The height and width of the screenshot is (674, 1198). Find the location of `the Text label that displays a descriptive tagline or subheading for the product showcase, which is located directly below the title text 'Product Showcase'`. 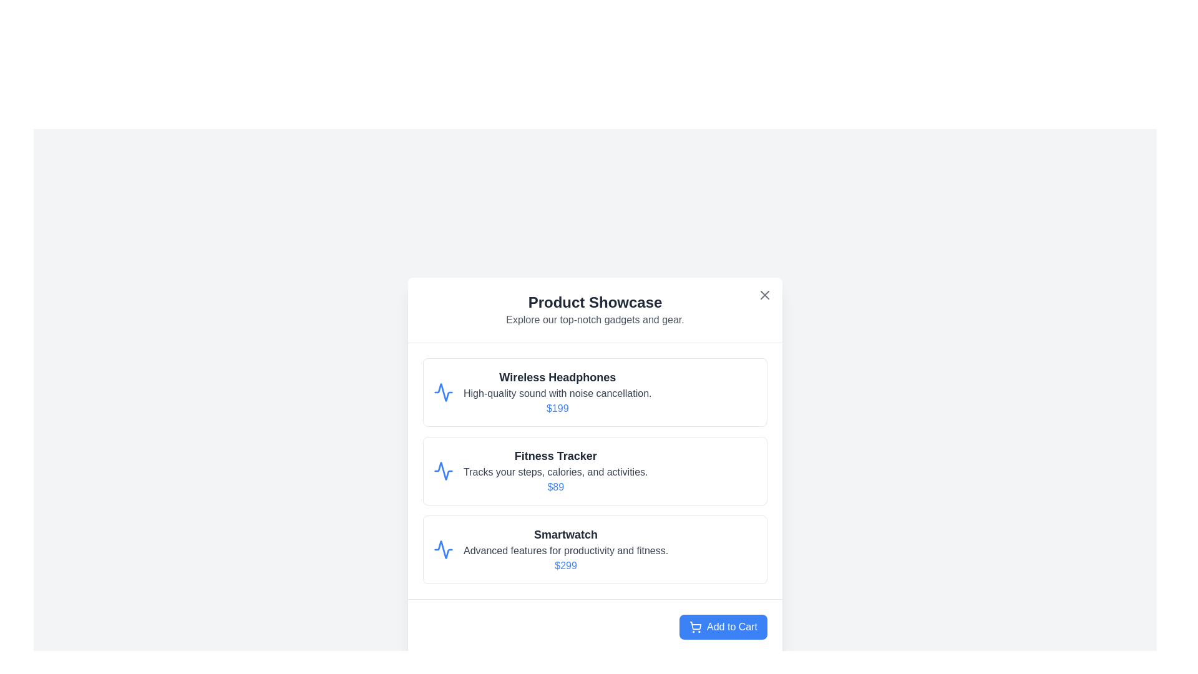

the Text label that displays a descriptive tagline or subheading for the product showcase, which is located directly below the title text 'Product Showcase' is located at coordinates (595, 320).